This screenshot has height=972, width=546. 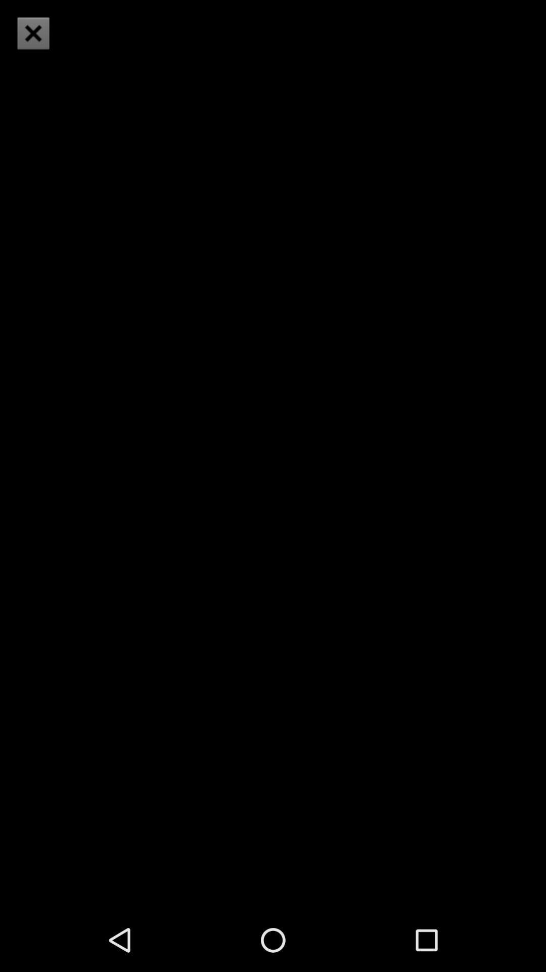 What do you see at coordinates (273, 454) in the screenshot?
I see `the item at the center` at bounding box center [273, 454].